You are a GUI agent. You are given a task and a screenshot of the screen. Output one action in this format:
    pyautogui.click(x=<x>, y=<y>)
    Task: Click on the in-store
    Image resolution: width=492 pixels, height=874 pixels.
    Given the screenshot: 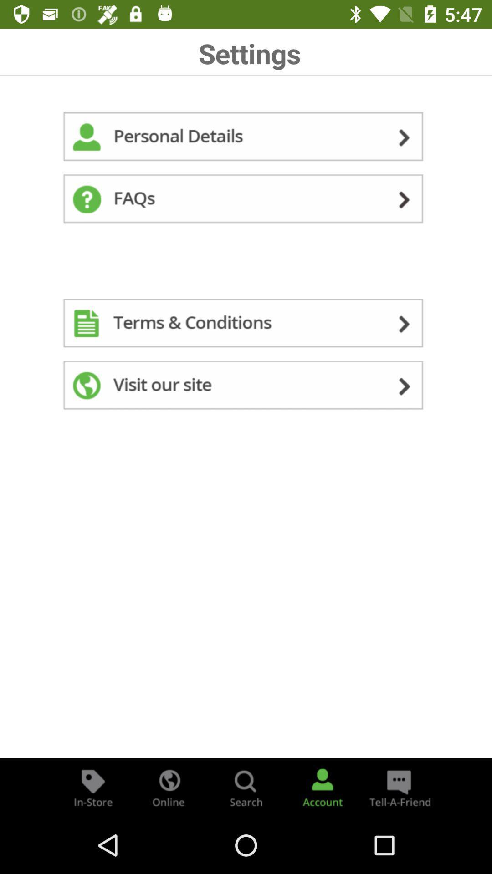 What is the action you would take?
    pyautogui.click(x=93, y=787)
    